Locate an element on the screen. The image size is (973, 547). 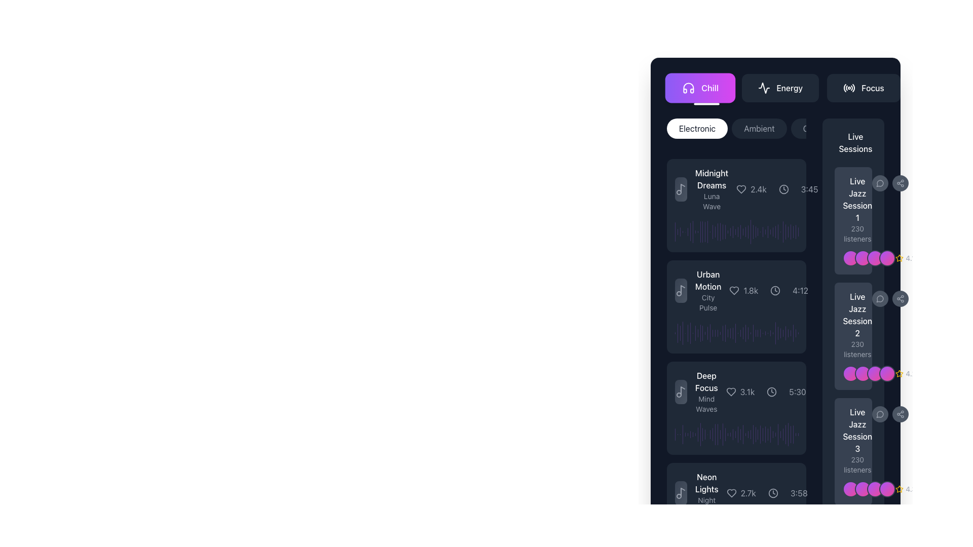
the text label displaying '230' listeners, which is located at the bottom of the card for 'Live Jazz Session 2' in the 'Live Sessions' column on the right-hand side of the interface is located at coordinates (857, 349).